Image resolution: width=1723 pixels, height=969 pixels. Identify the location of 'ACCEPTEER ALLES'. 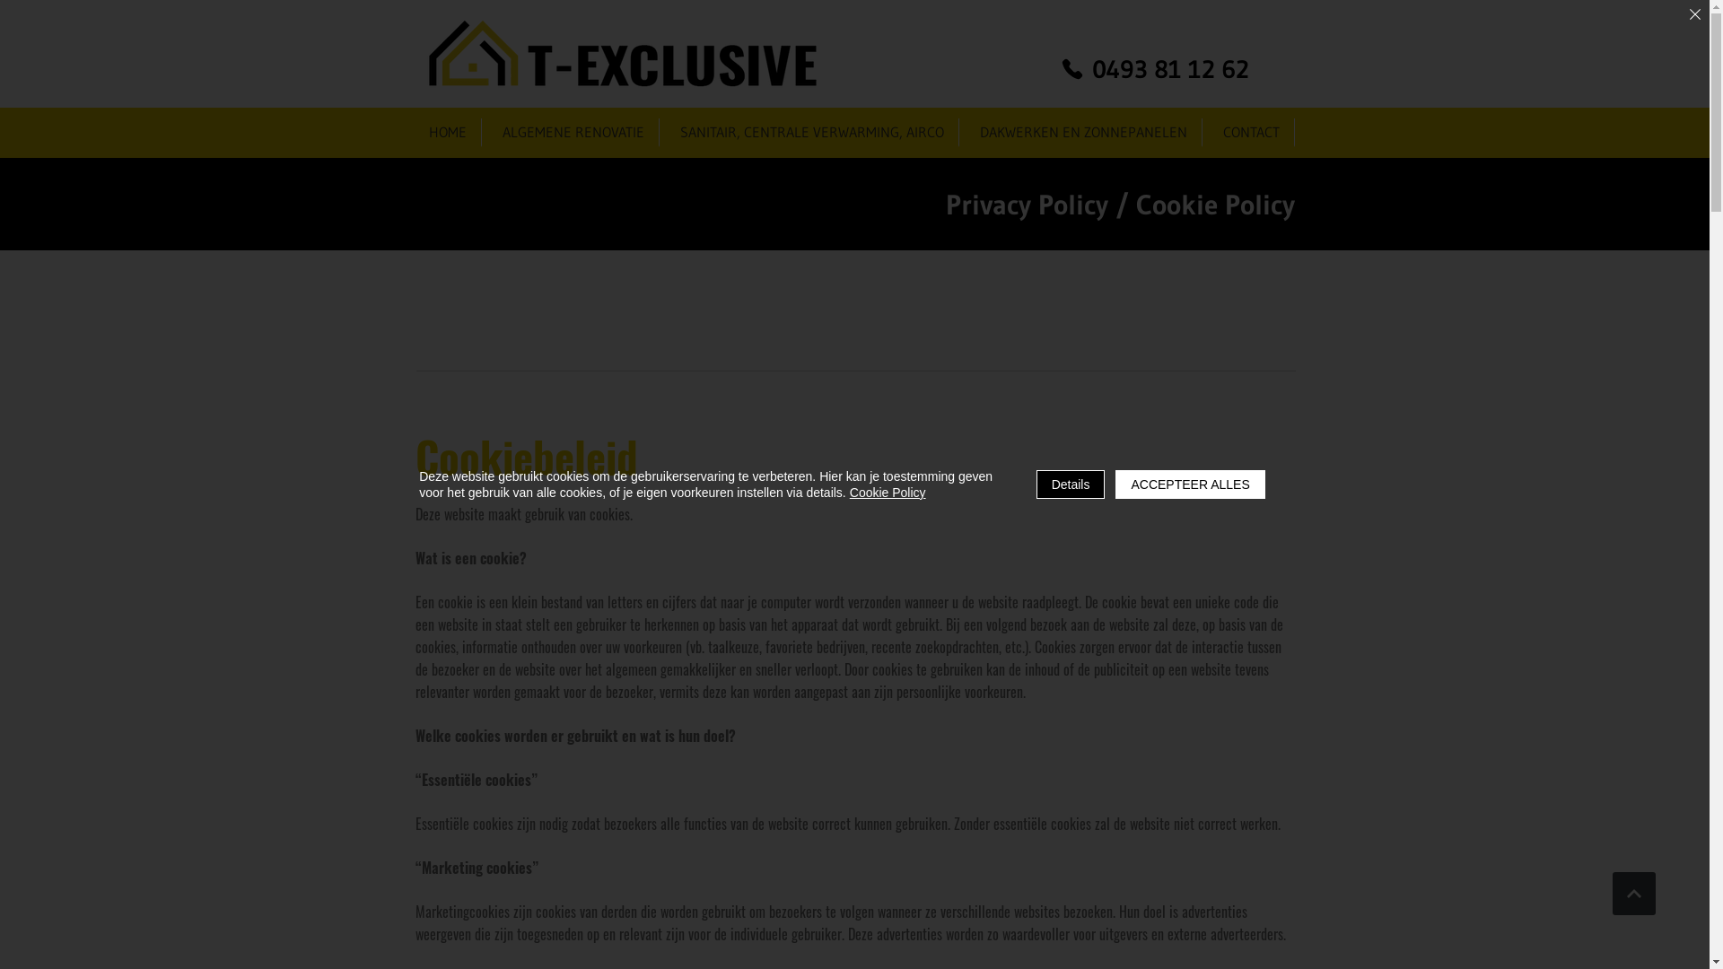
(1189, 484).